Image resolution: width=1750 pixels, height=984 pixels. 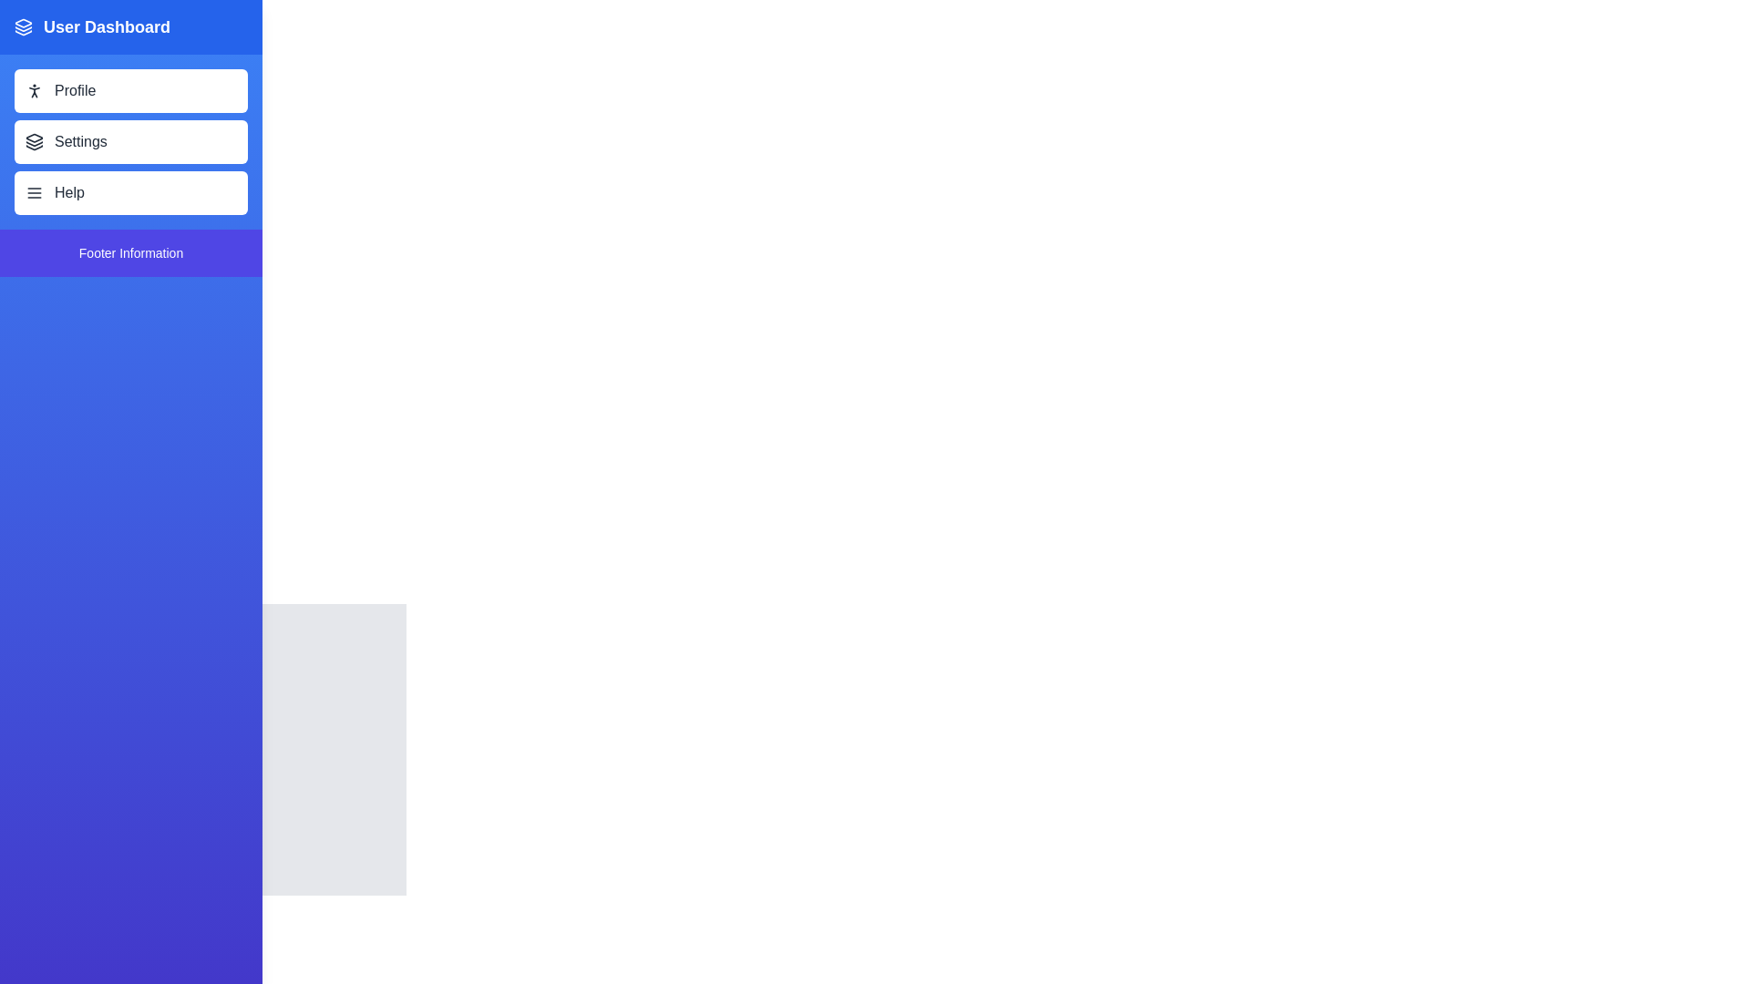 I want to click on the 'Help' button, which is a rectangular button with a white background and rounded corners located below the 'Settings' button in the 'Profile Settings Help' menu, so click(x=130, y=193).